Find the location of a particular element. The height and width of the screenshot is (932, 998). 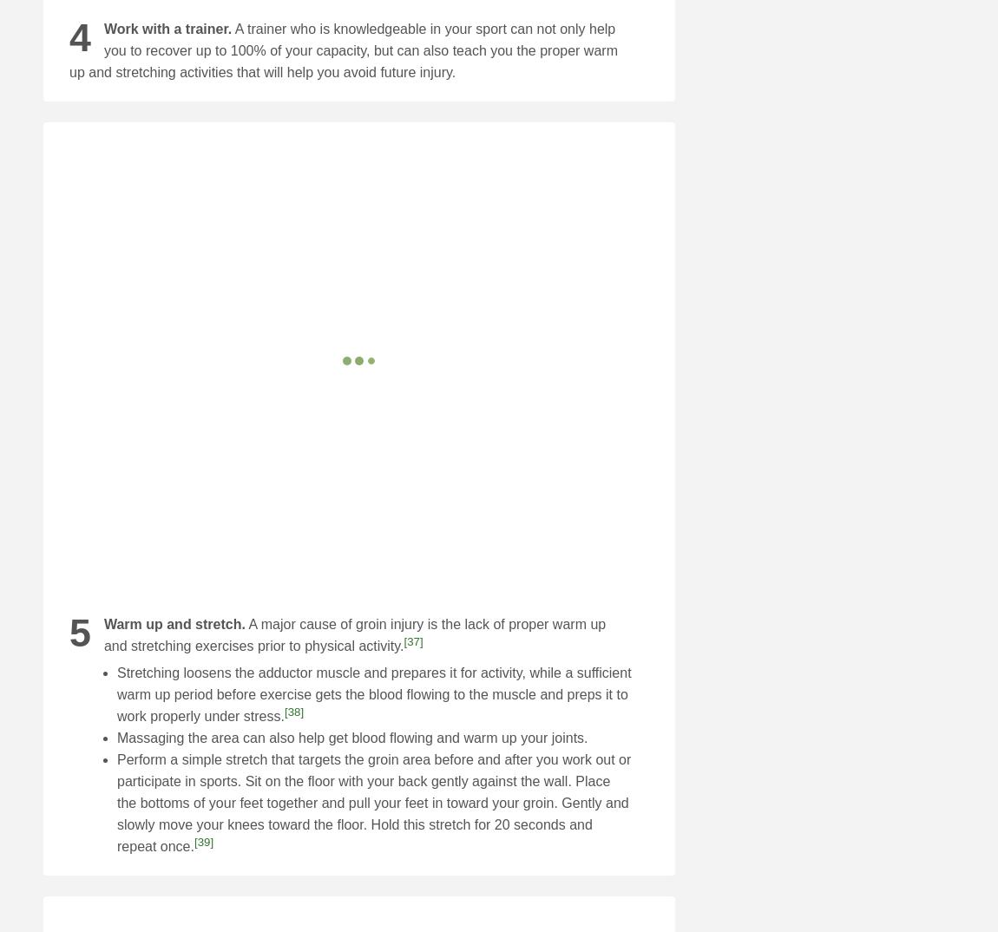

'Stretching loosens the adductor muscle and prepares it for activity, while a sufficient warm up period before exercise gets the blood flowing to the muscle and preps it to work properly under stress.' is located at coordinates (374, 693).